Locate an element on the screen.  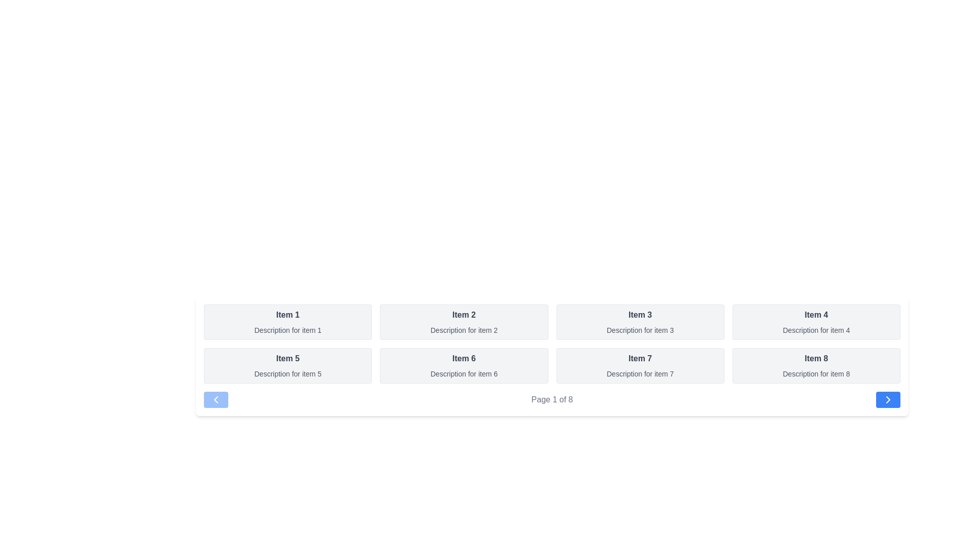
the content of the descriptive card for 'Item 8' located in the bottom-right corner of the 4x2 grid layout is located at coordinates (816, 366).